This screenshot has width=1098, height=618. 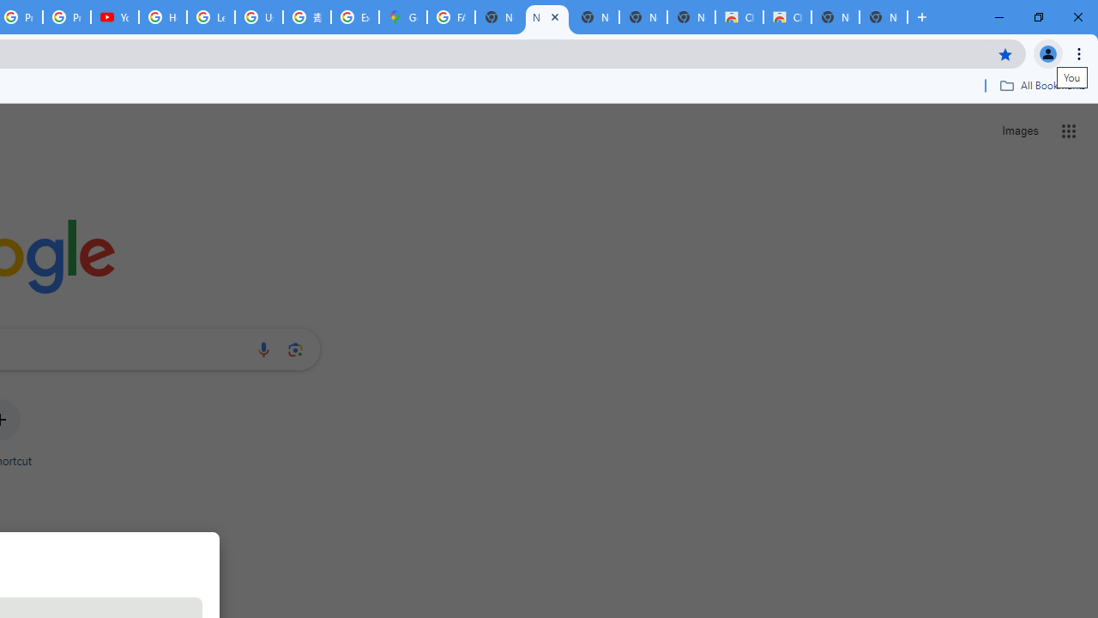 What do you see at coordinates (884, 17) in the screenshot?
I see `'New Tab'` at bounding box center [884, 17].